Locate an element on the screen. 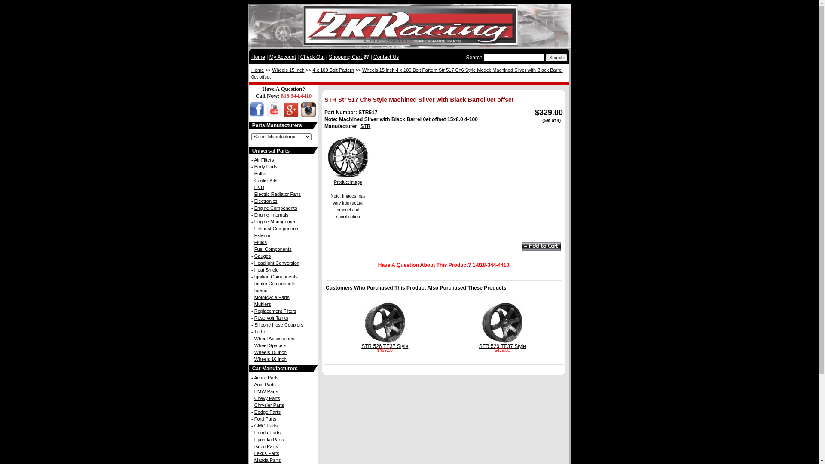 This screenshot has width=825, height=464. 'Ignition Components' is located at coordinates (276, 277).